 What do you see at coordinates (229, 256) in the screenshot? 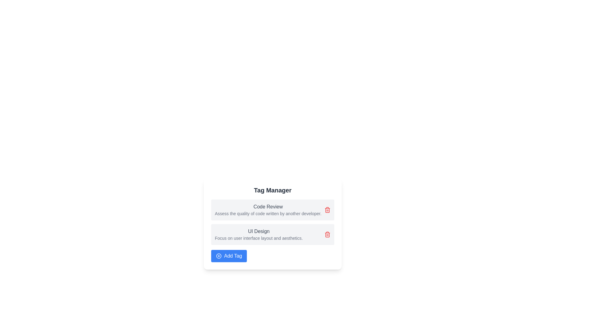
I see `the interactive button to add a new tag located at the bottom of the 'Tag Manager' card for visual feedback` at bounding box center [229, 256].